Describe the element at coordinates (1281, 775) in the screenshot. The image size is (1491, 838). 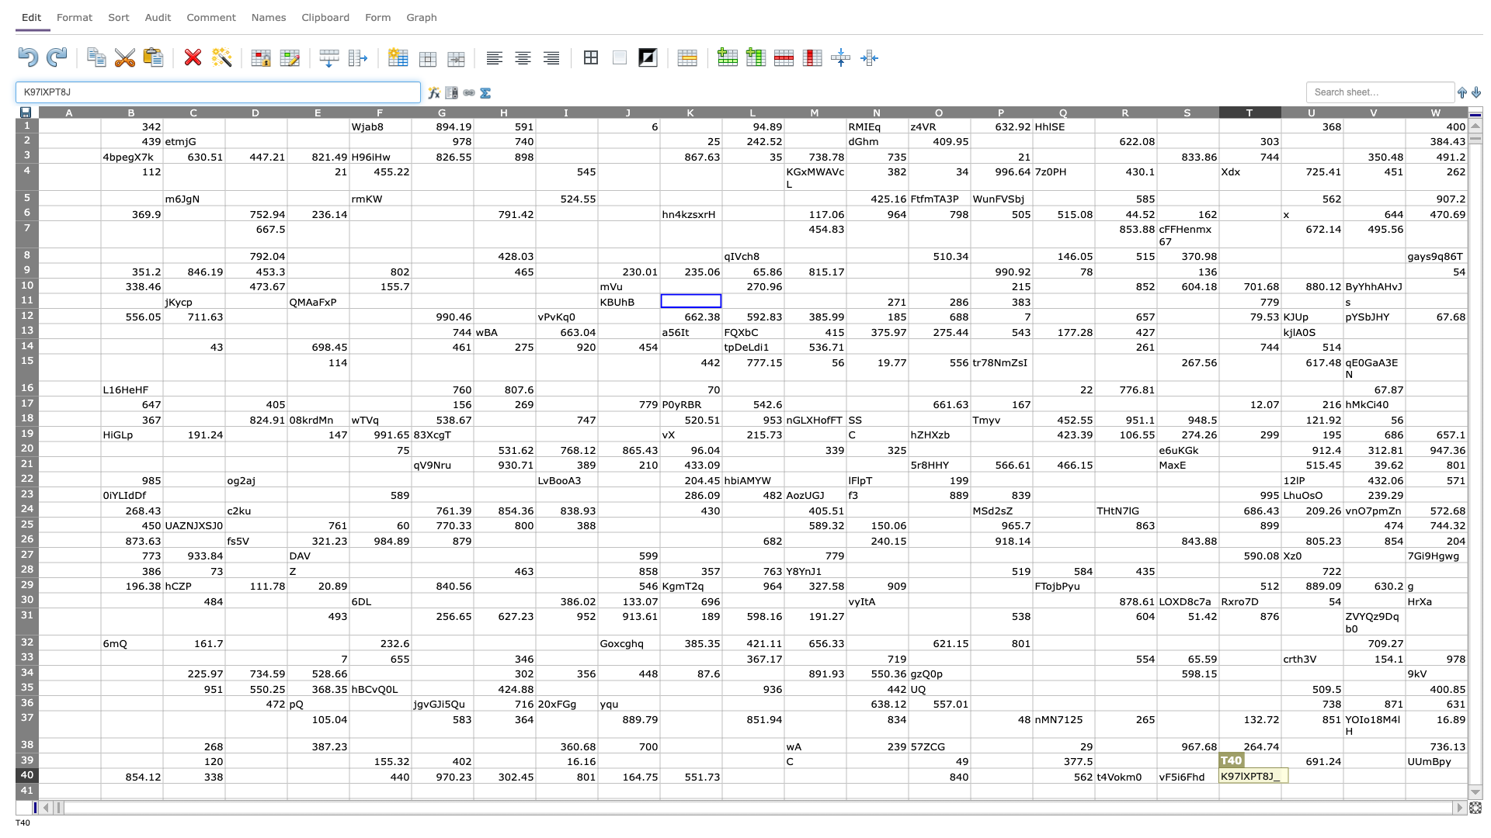
I see `Left border of cell U-40` at that location.